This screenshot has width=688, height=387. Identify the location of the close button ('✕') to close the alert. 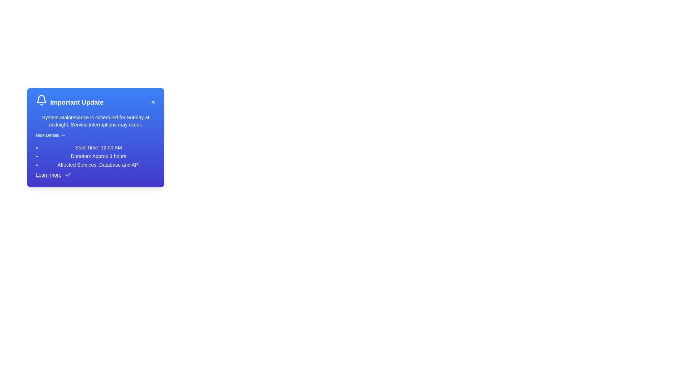
(153, 102).